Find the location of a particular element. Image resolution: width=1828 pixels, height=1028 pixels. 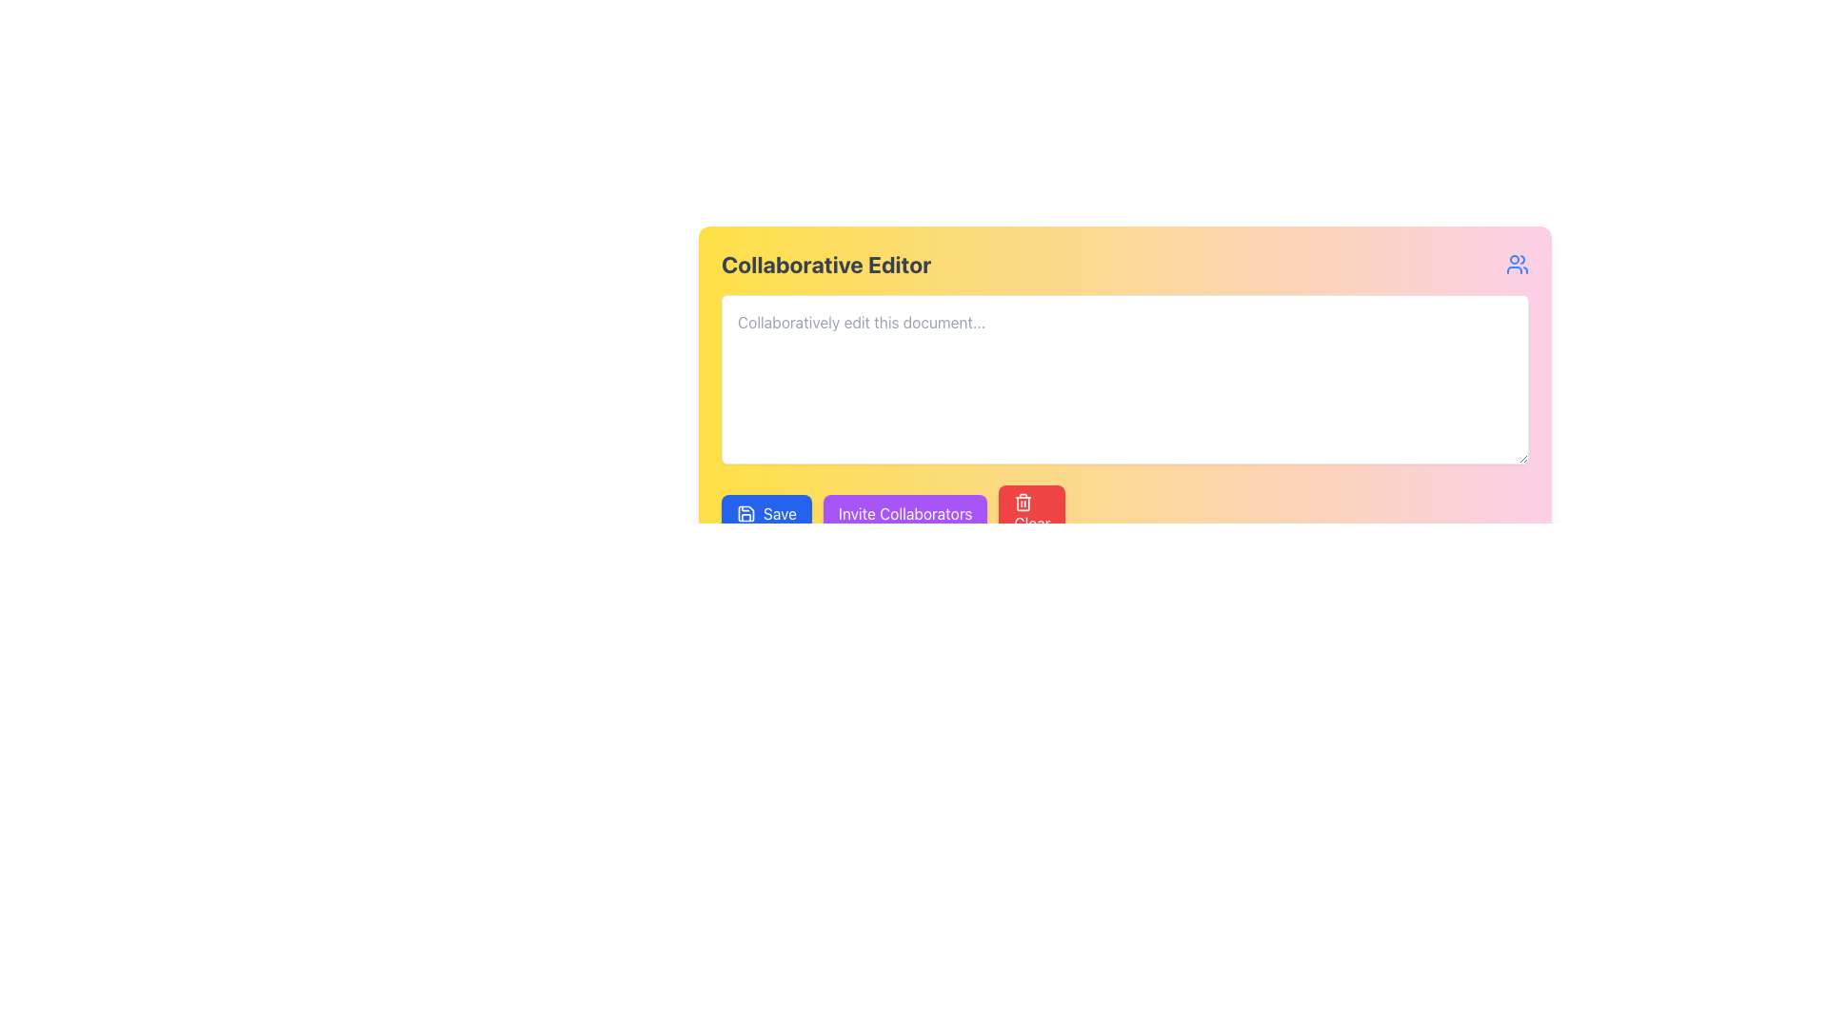

the collaboration icon located at the top-right corner of the 'Collaborative Editor' section is located at coordinates (1516, 264).